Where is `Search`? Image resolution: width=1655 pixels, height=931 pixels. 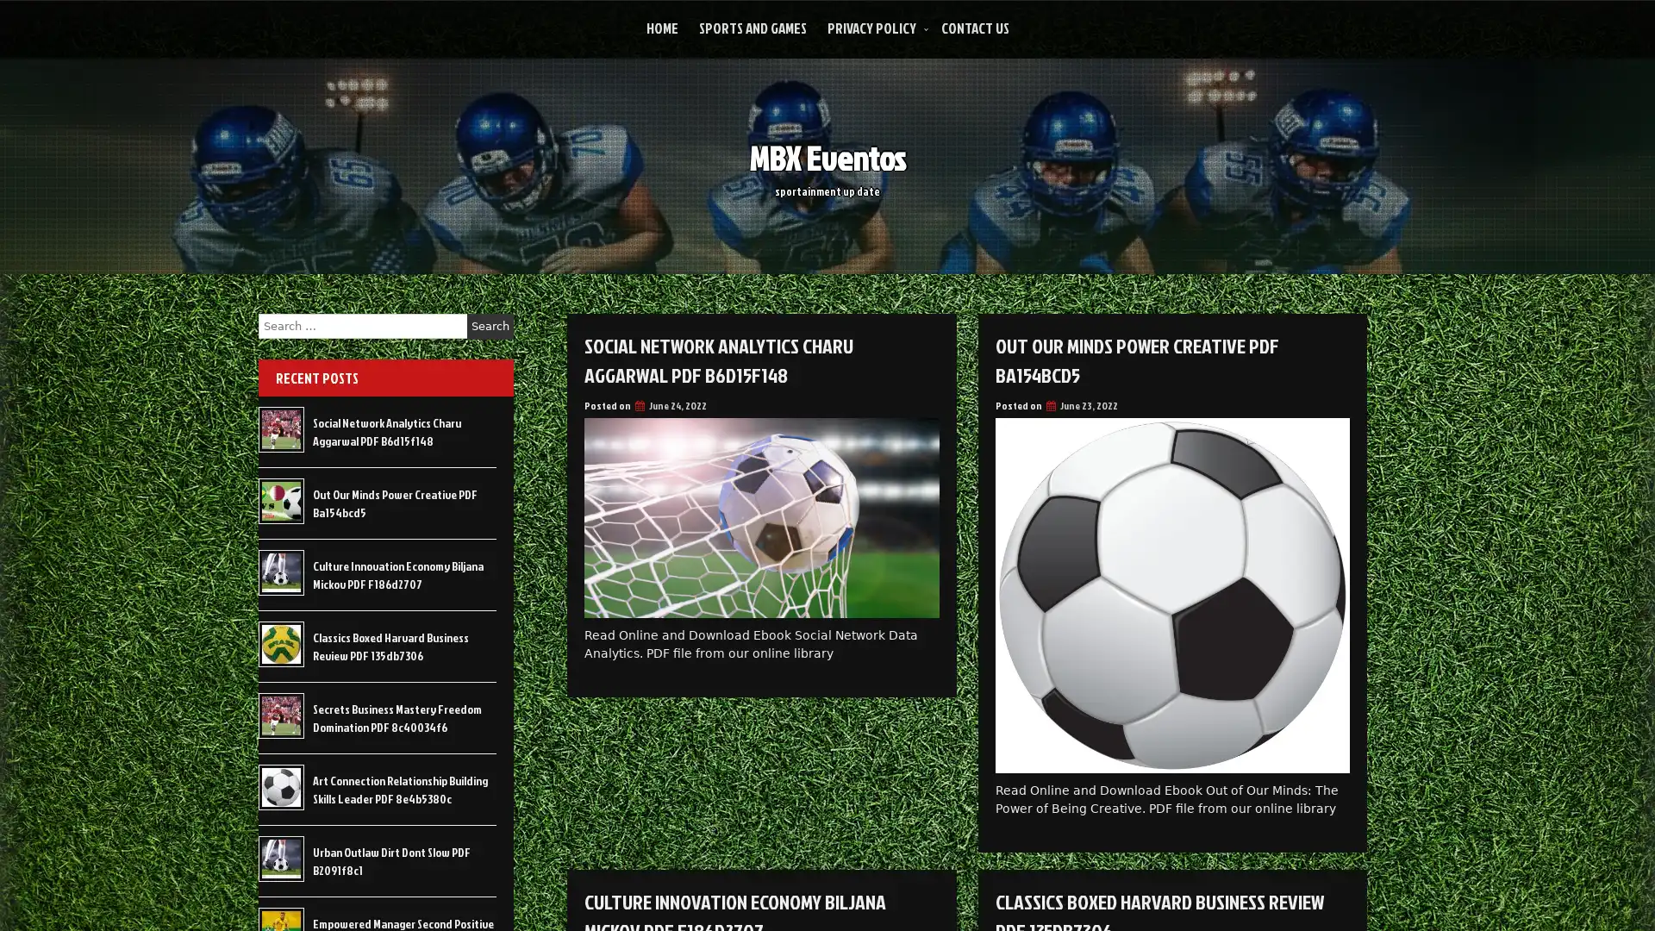
Search is located at coordinates (490, 326).